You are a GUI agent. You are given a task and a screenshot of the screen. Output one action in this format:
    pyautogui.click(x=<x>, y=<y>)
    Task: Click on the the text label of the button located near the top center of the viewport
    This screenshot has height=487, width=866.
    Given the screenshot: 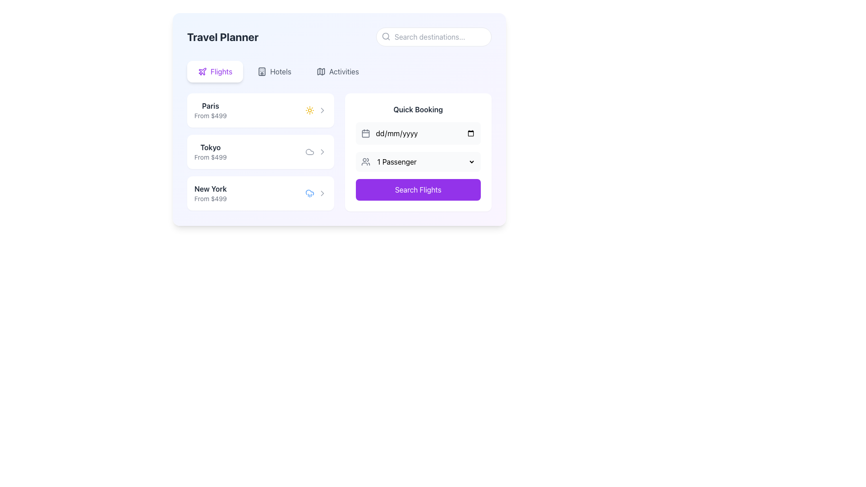 What is the action you would take?
    pyautogui.click(x=280, y=71)
    